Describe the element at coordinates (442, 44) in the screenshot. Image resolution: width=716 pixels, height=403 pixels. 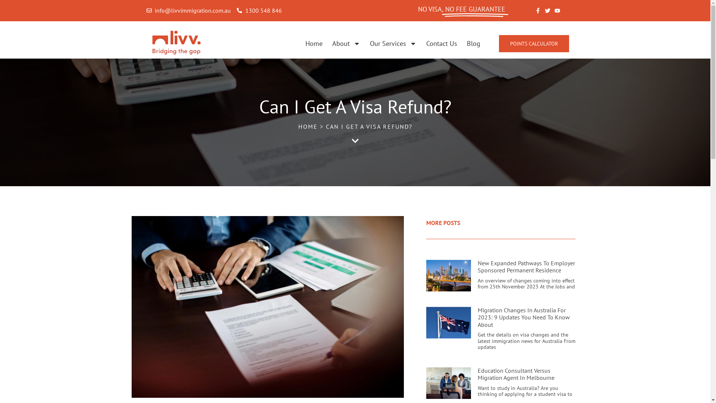
I see `'Contact Us'` at that location.